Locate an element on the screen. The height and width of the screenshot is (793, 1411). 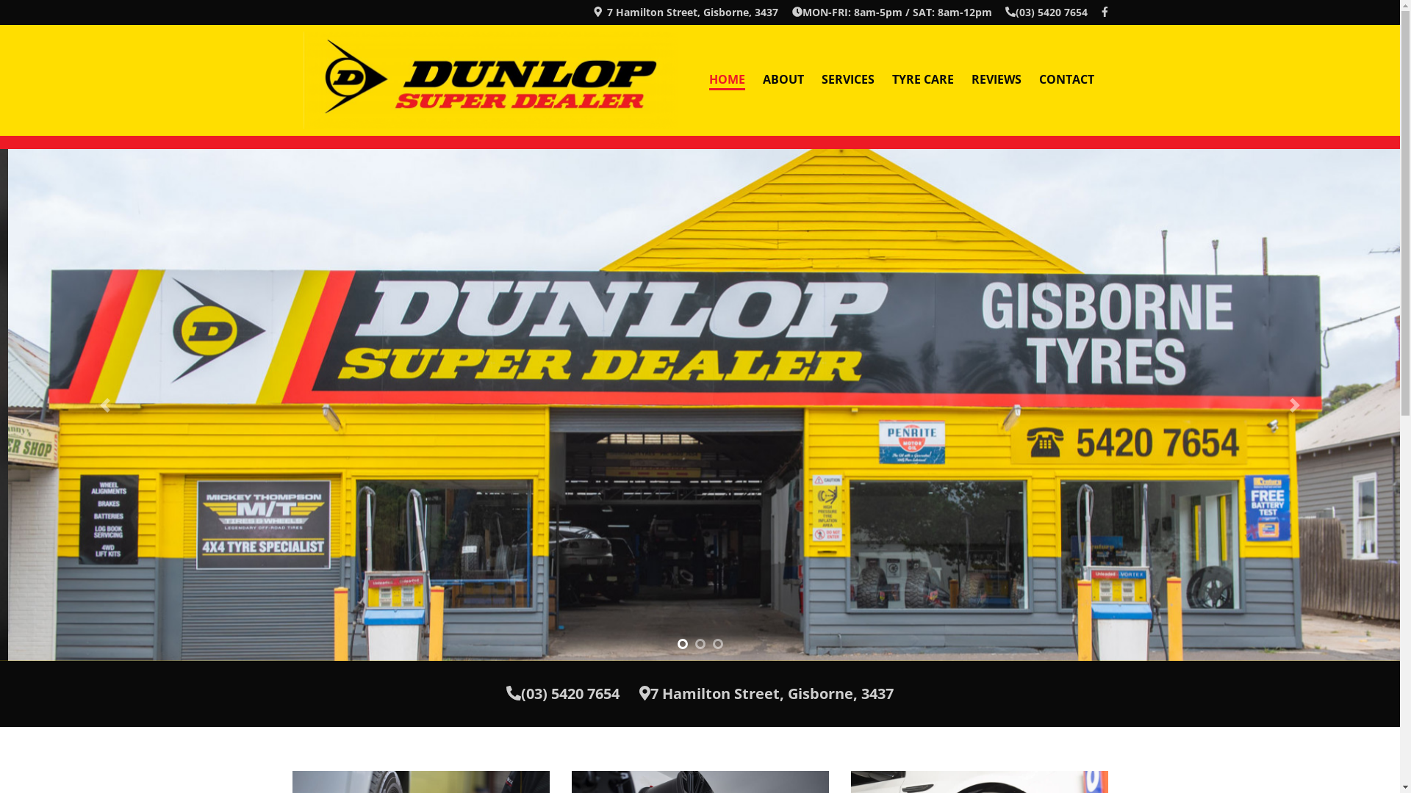
'7 Hamilton Street, Gisborne, 3437' is located at coordinates (765, 693).